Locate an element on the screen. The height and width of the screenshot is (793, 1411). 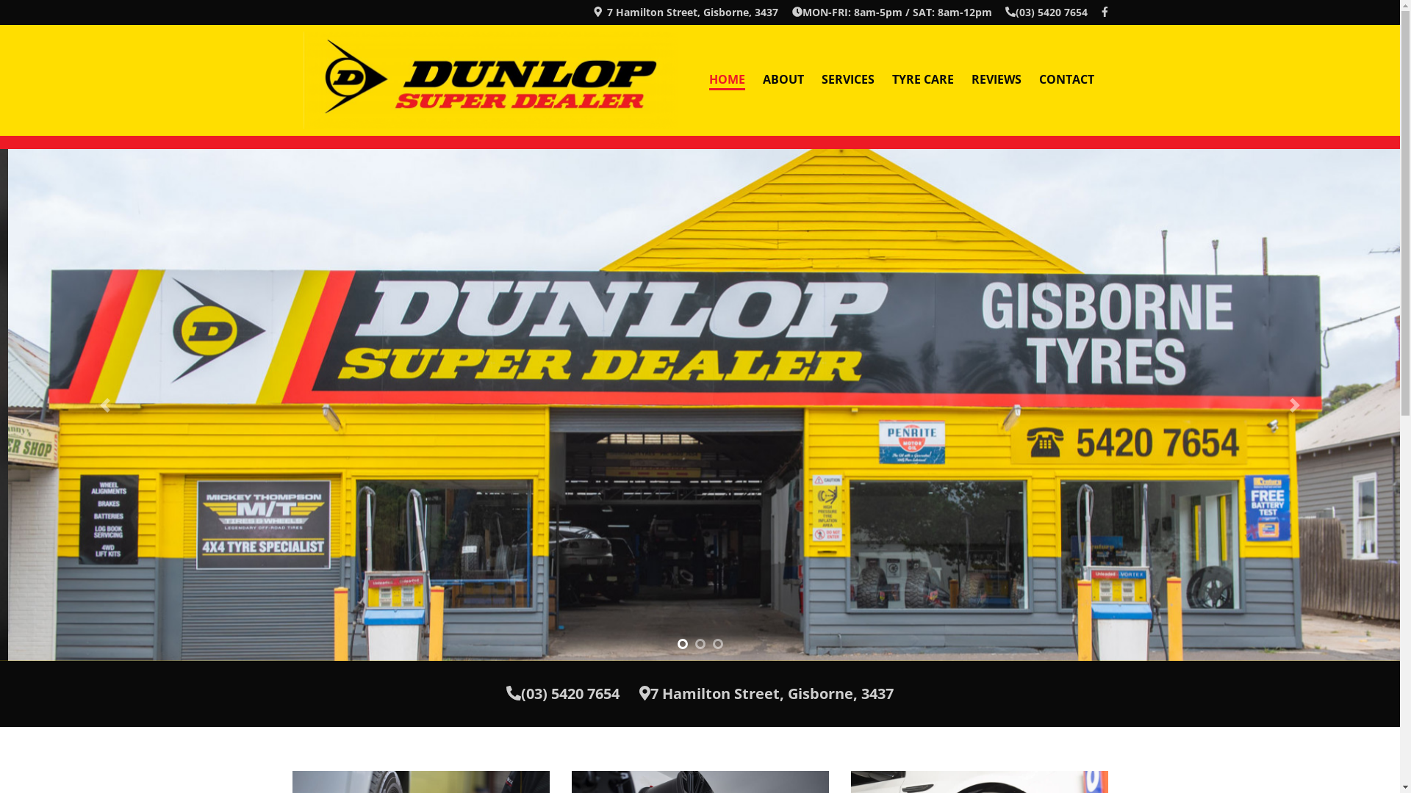
'7 Hamilton Street, Gisborne, 3437' is located at coordinates (765, 693).